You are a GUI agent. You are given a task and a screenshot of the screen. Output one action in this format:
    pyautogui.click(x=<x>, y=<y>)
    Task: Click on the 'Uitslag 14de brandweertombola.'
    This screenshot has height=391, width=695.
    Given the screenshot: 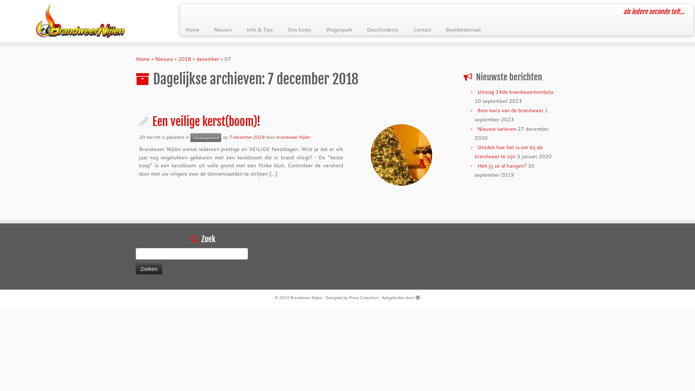 What is the action you would take?
    pyautogui.click(x=515, y=92)
    